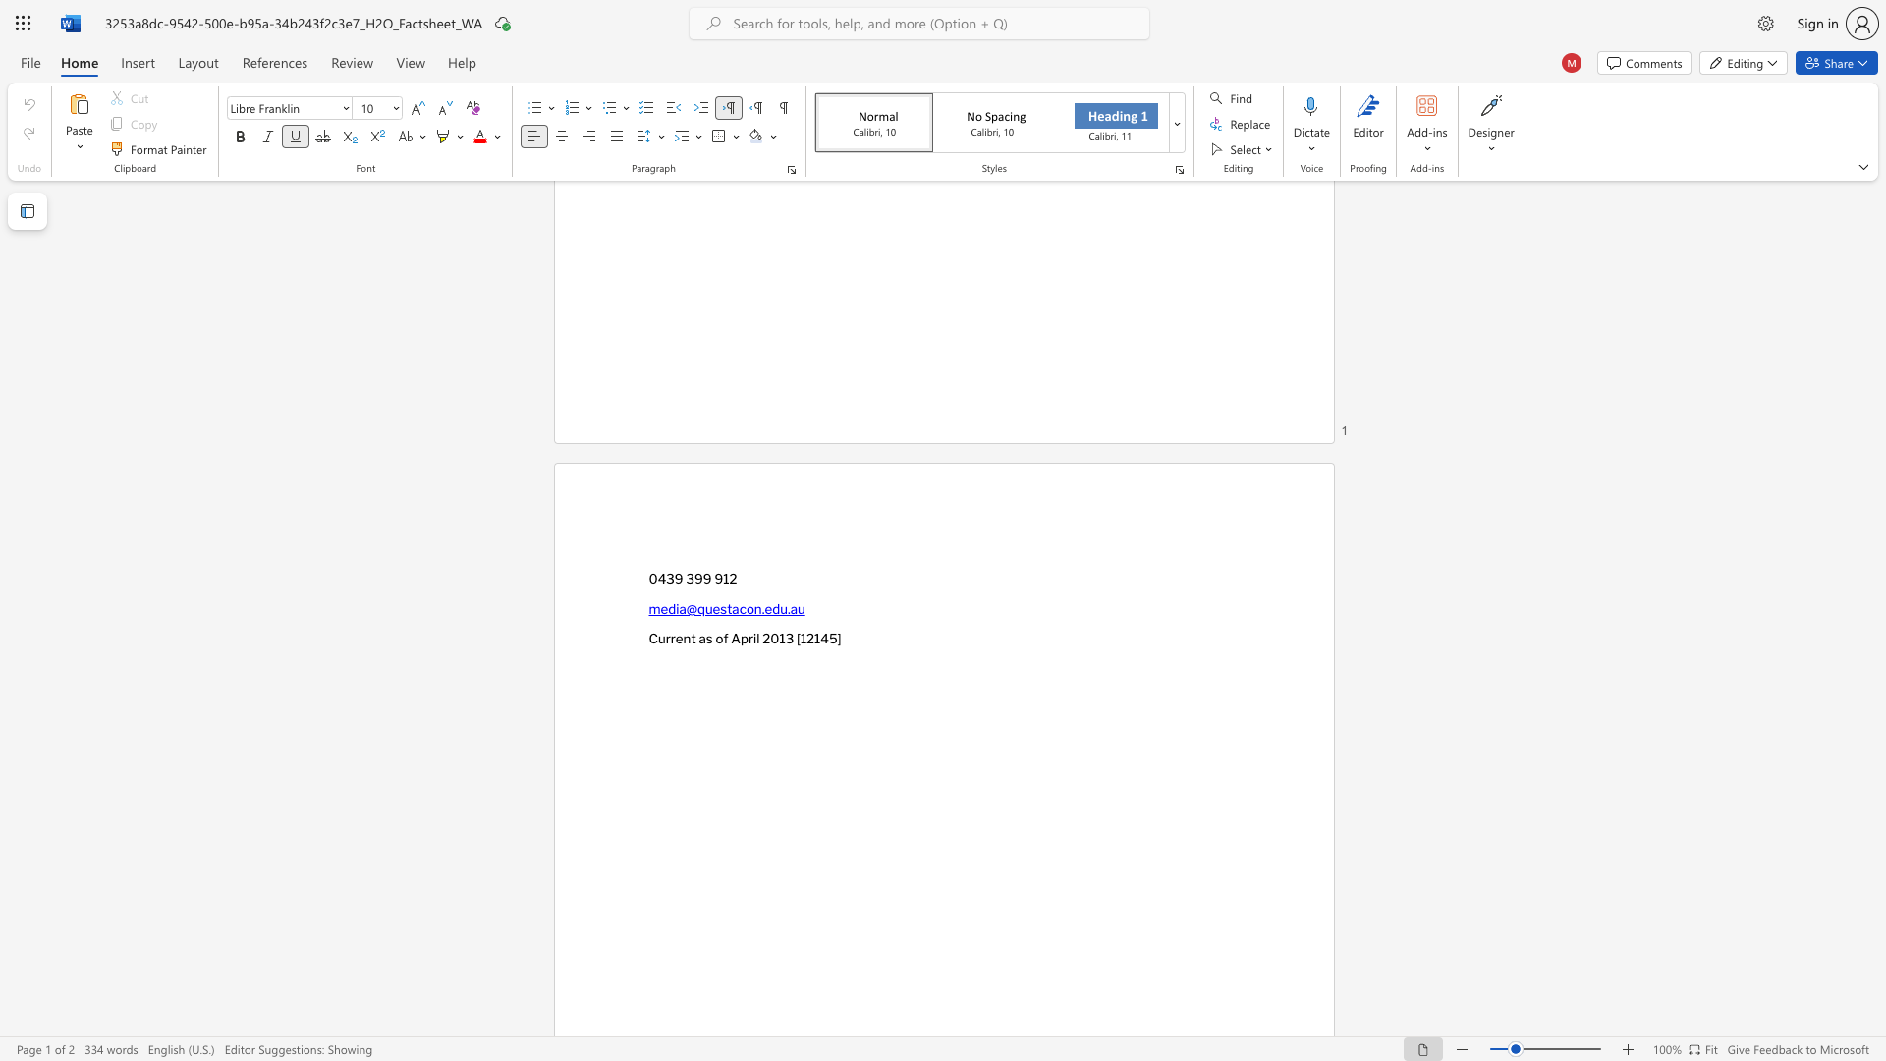  I want to click on the space between the continuous character "n" and "t" in the text, so click(690, 639).